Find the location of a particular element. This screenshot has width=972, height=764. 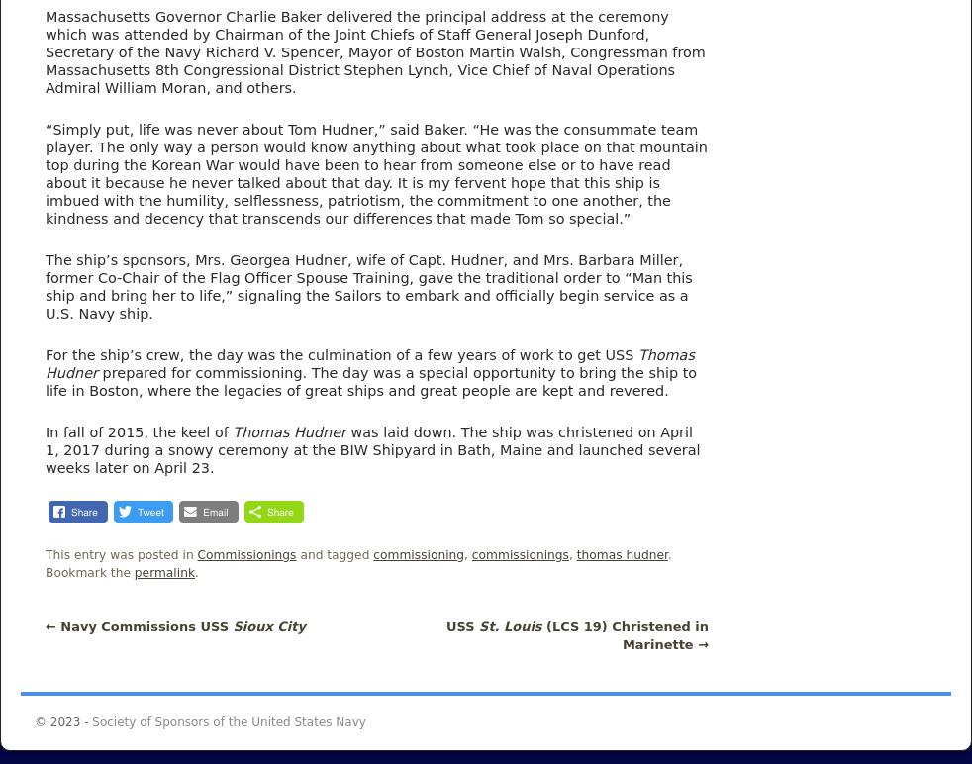

'prepared for commissioning. The day was a special opportunity to bring the ship to life in Boston, where the legacies of great ships and great people are kept and revered.' is located at coordinates (44, 379).